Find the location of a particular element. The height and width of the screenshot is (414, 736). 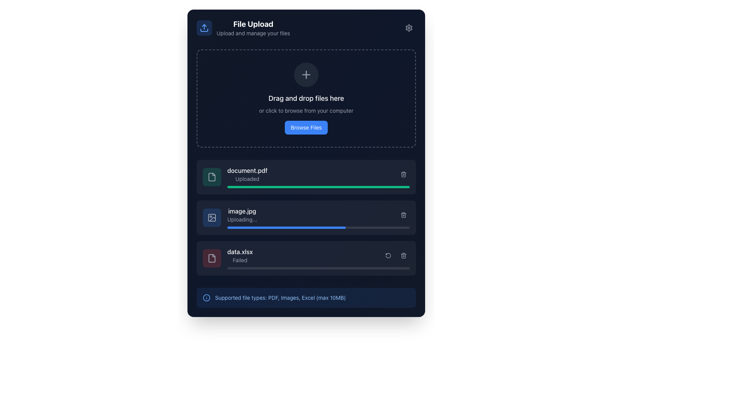

the delete icon (trashcan) positioned to the right of the loading progress bar for 'image.jpg' is located at coordinates (403, 215).